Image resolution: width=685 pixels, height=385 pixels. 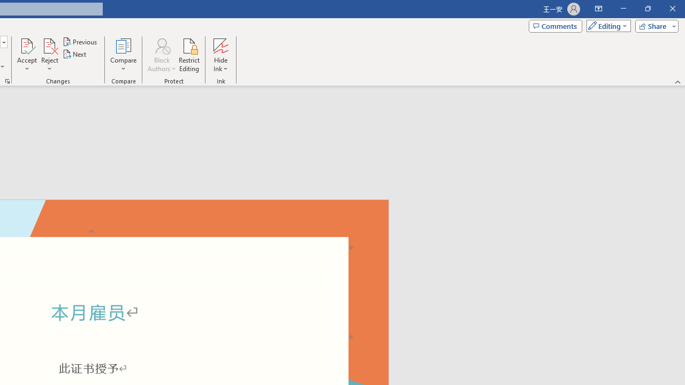 What do you see at coordinates (220, 55) in the screenshot?
I see `'Hide Ink'` at bounding box center [220, 55].